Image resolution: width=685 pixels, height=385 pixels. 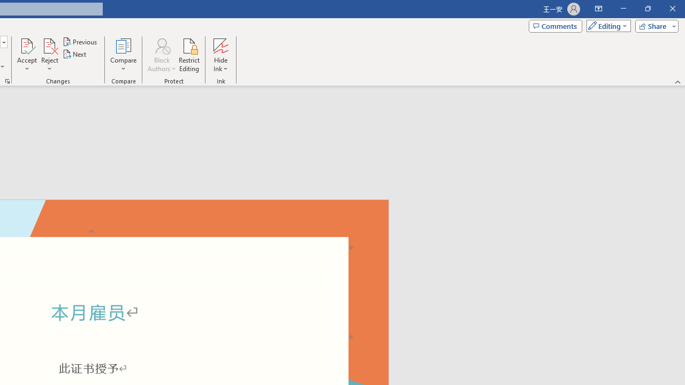 What do you see at coordinates (220, 55) in the screenshot?
I see `'Hide Ink'` at bounding box center [220, 55].